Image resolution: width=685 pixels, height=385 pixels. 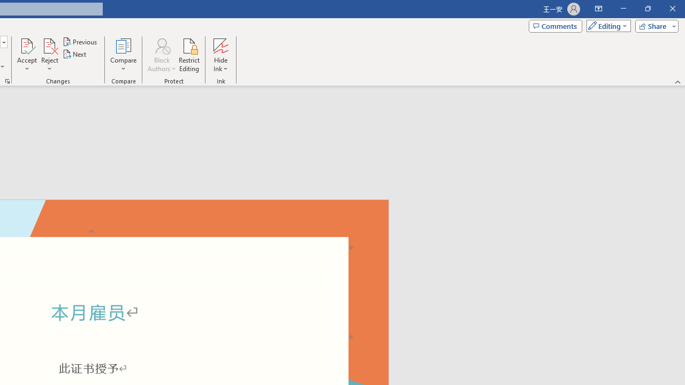 What do you see at coordinates (220, 55) in the screenshot?
I see `'Hide Ink'` at bounding box center [220, 55].